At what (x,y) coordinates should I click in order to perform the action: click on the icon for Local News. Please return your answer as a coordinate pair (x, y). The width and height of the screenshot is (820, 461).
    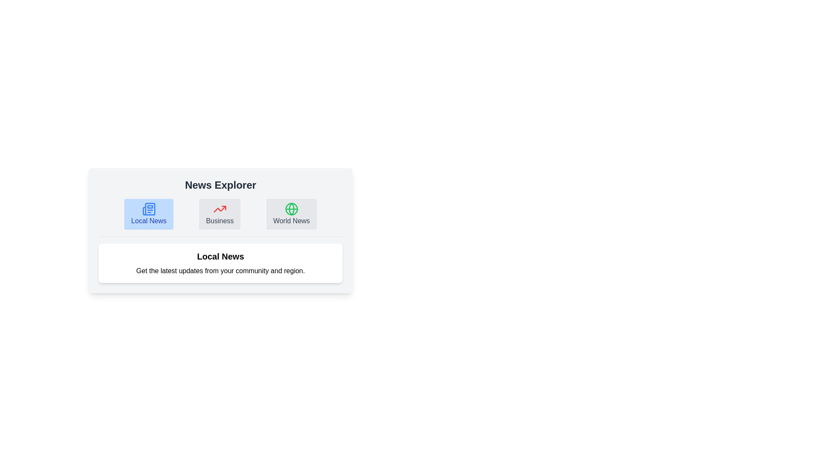
    Looking at the image, I should click on (149, 213).